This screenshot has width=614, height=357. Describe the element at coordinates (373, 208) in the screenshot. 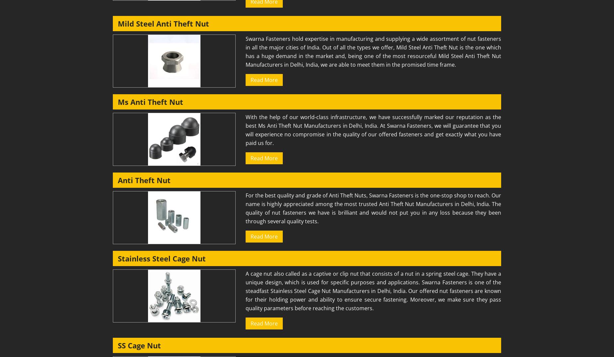

I see `'For the best quality and grade of Anti Theft Nuts, Swarna Fasteners is the one-stop shop to reach. Our name is highly appreciated among the most trusted Anti Theft Nut Manufacturers in Delhi, India. The quality of nut fasteners we have is brilliant and would not put you in any loss because they been through several quality tests.'` at that location.